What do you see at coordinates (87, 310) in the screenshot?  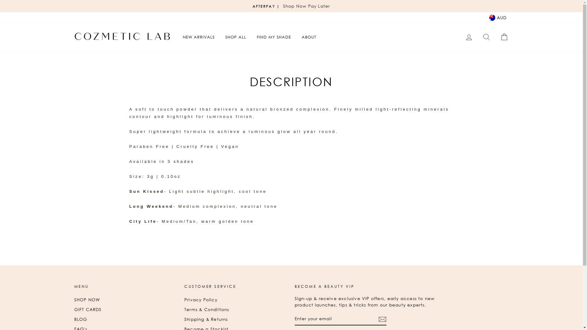 I see `'GIFT CARDS'` at bounding box center [87, 310].